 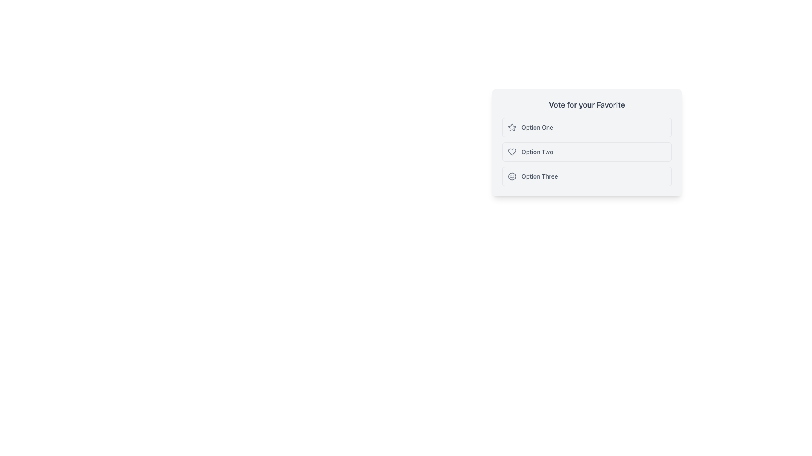 I want to click on 'Option Two' in the Voting Option List, so click(x=586, y=142).